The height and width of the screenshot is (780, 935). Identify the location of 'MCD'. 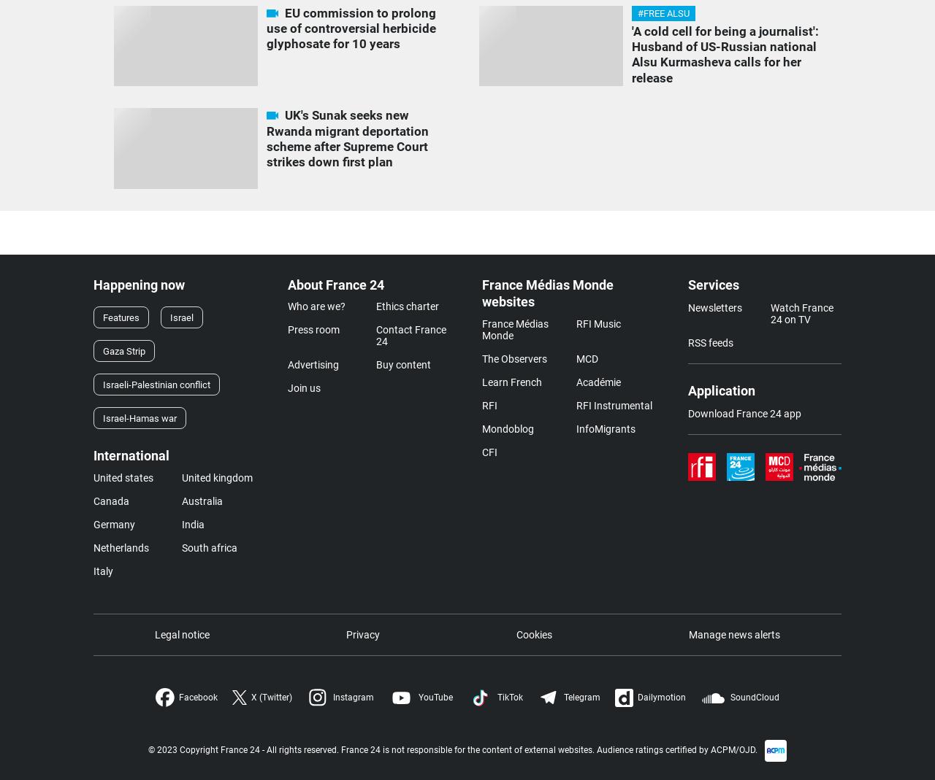
(587, 357).